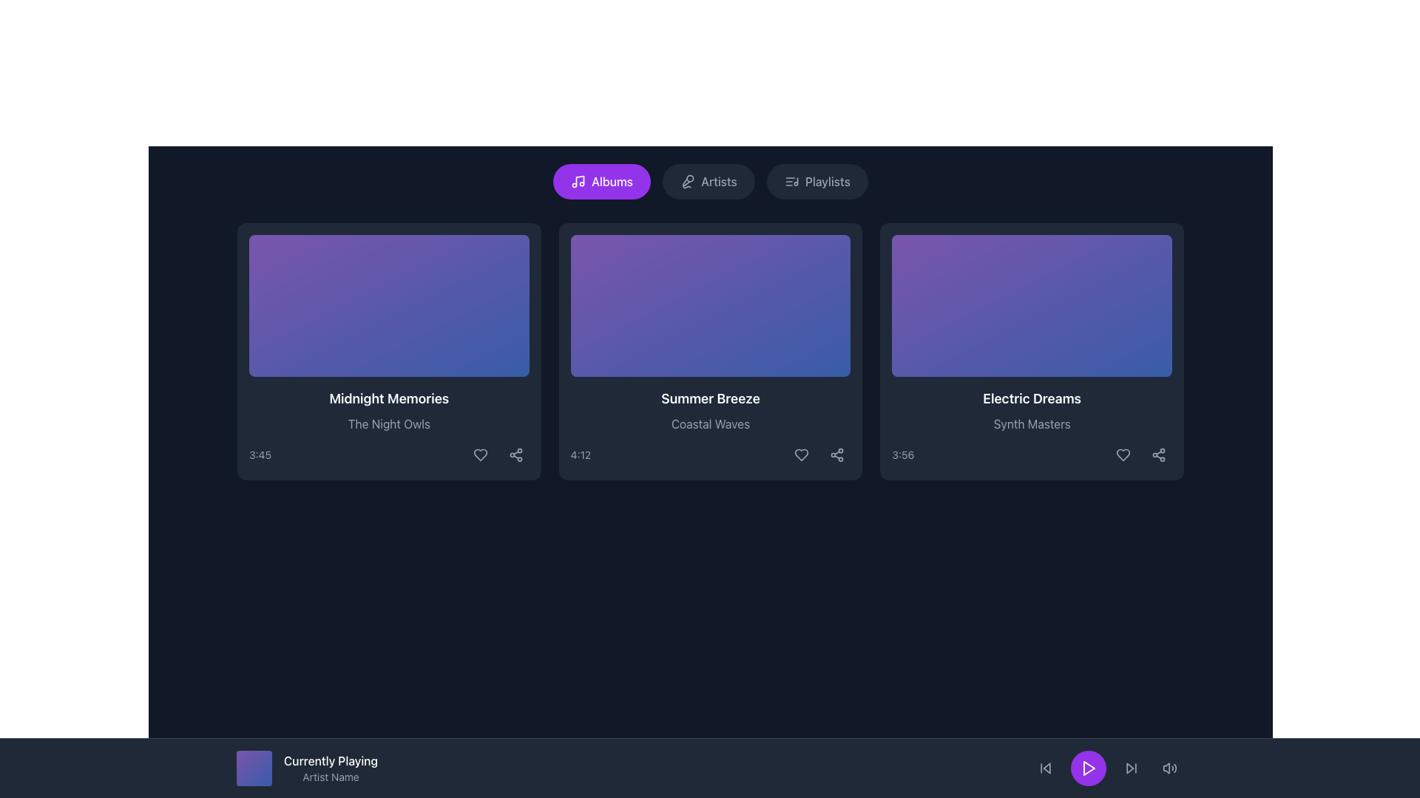 Image resolution: width=1420 pixels, height=798 pixels. What do you see at coordinates (480, 454) in the screenshot?
I see `the 'like' button located in the bottom-right corner of the 'Midnight Memories' album card` at bounding box center [480, 454].